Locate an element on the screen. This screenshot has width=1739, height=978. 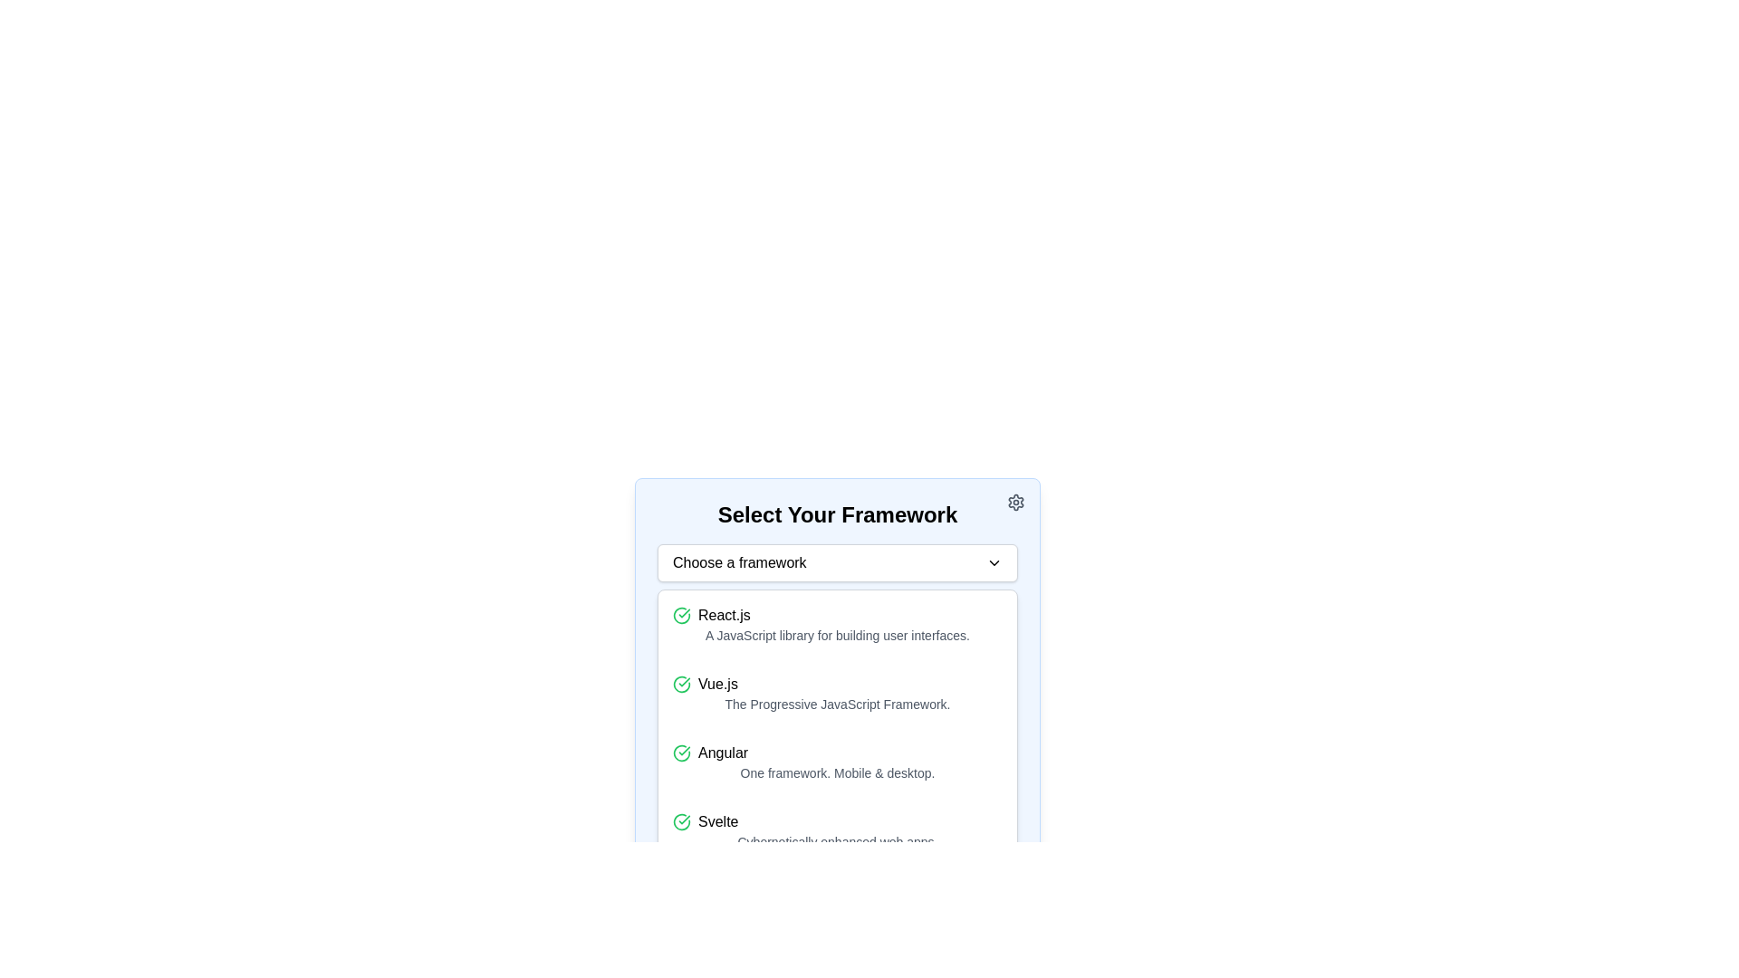
the settings icon button located at the top-right corner of the 'Select Your Framework' content block is located at coordinates (1016, 503).